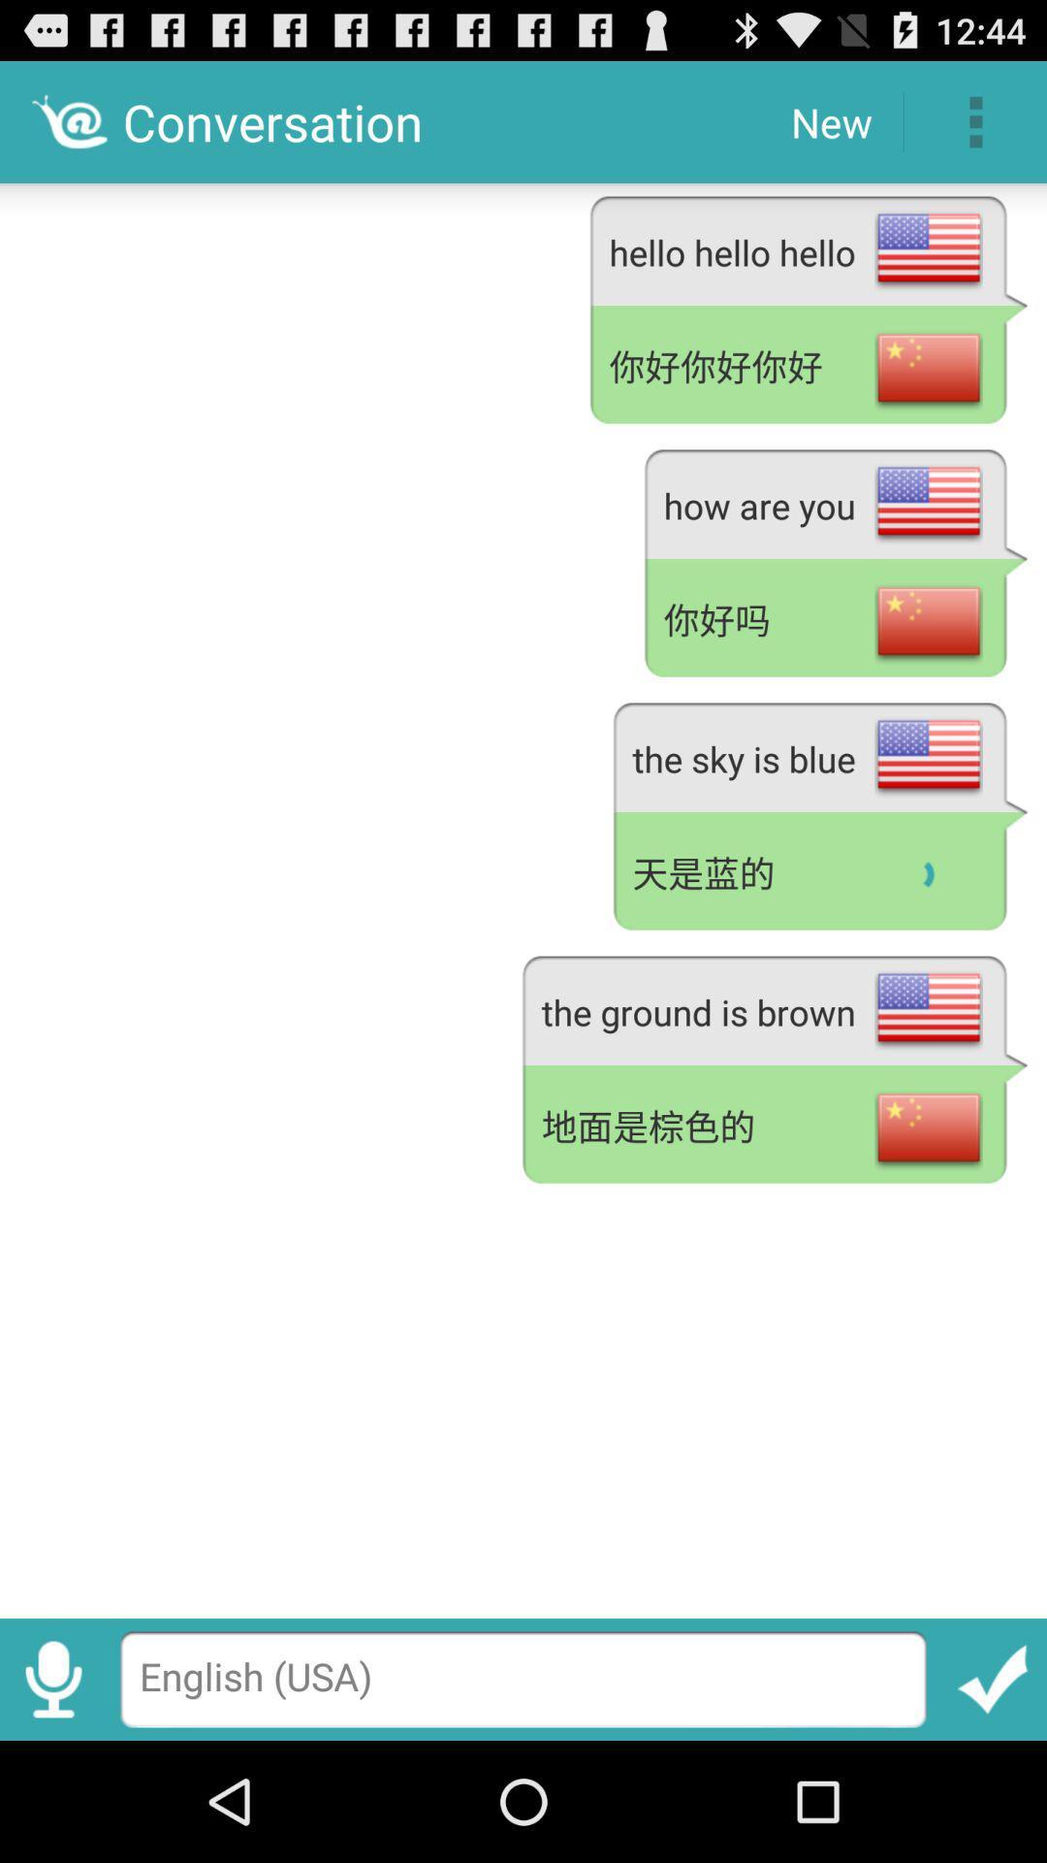 The image size is (1047, 1863). I want to click on the new, so click(830, 120).